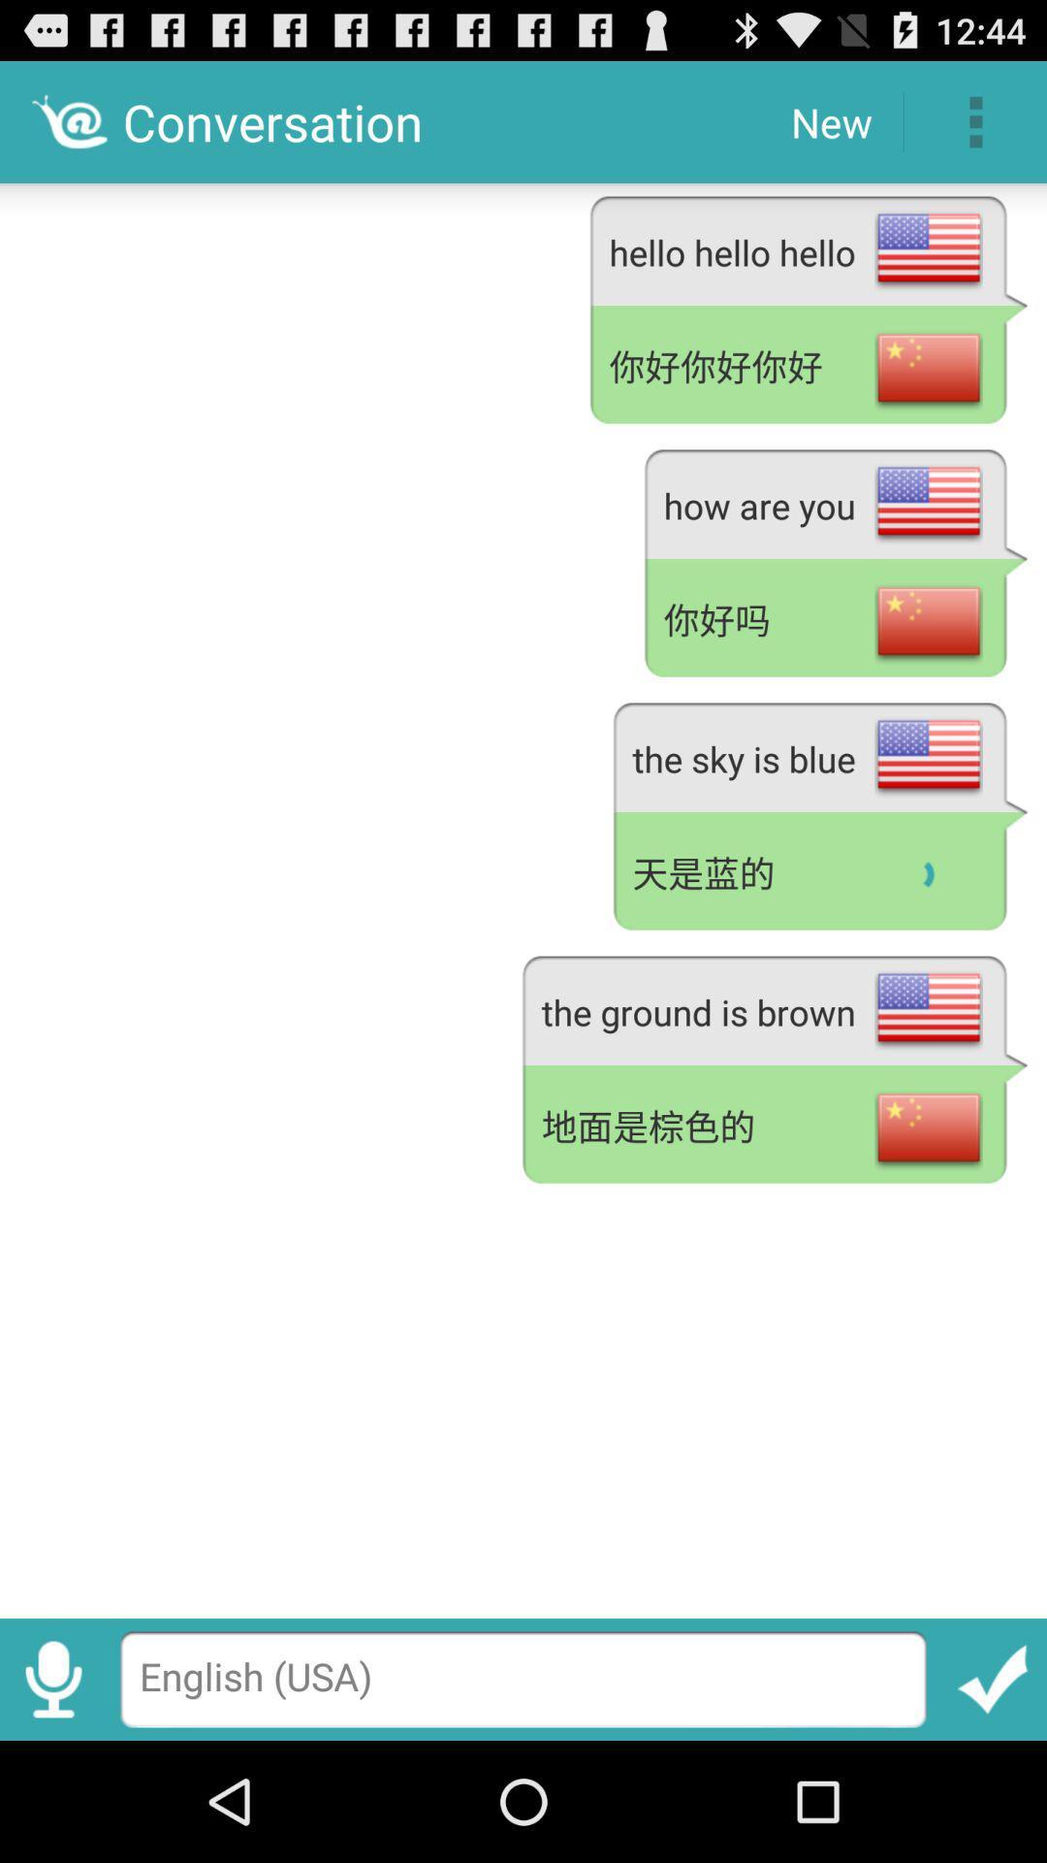 The image size is (1047, 1863). I want to click on the new, so click(830, 120).